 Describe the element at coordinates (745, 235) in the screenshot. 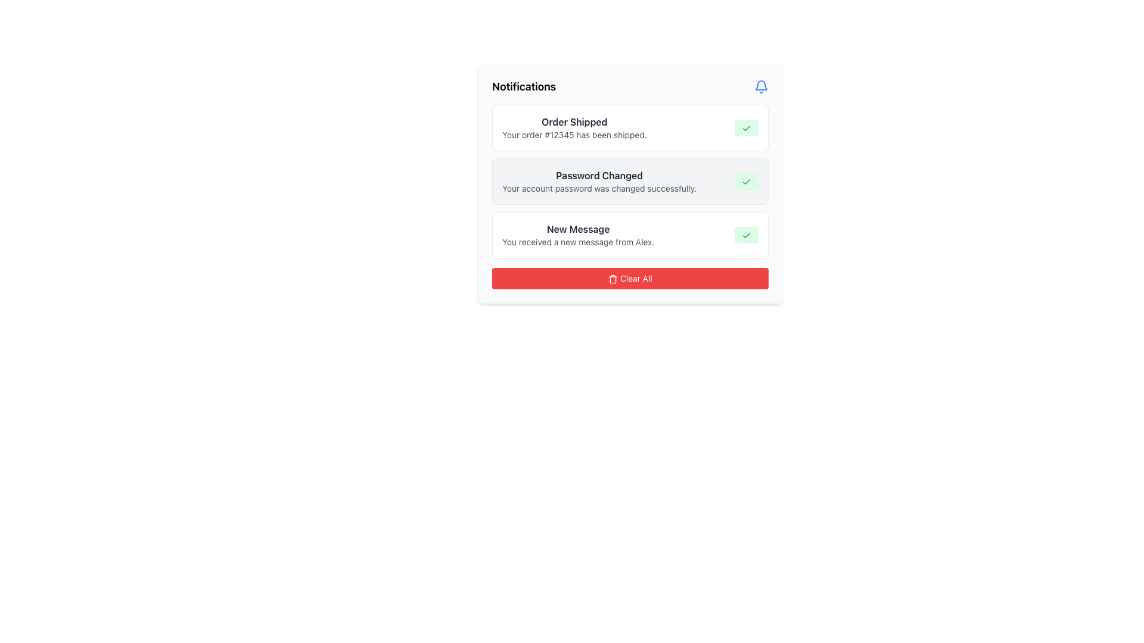

I see `the button located at the far-right end of the 'New Message' notification` at that location.